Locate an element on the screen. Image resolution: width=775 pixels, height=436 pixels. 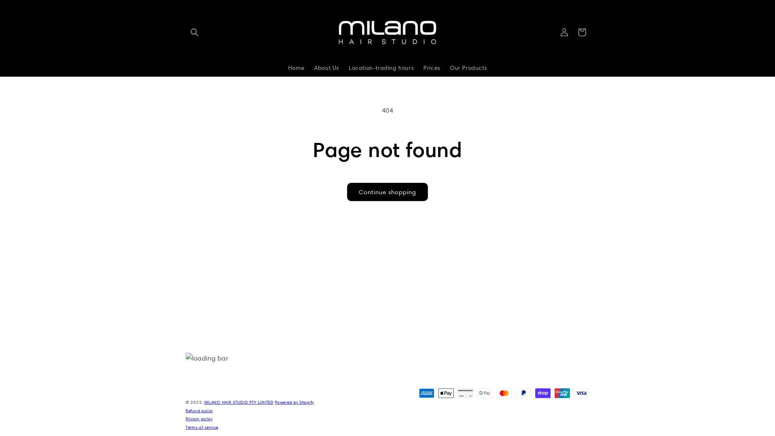
'Prices' is located at coordinates (418, 67).